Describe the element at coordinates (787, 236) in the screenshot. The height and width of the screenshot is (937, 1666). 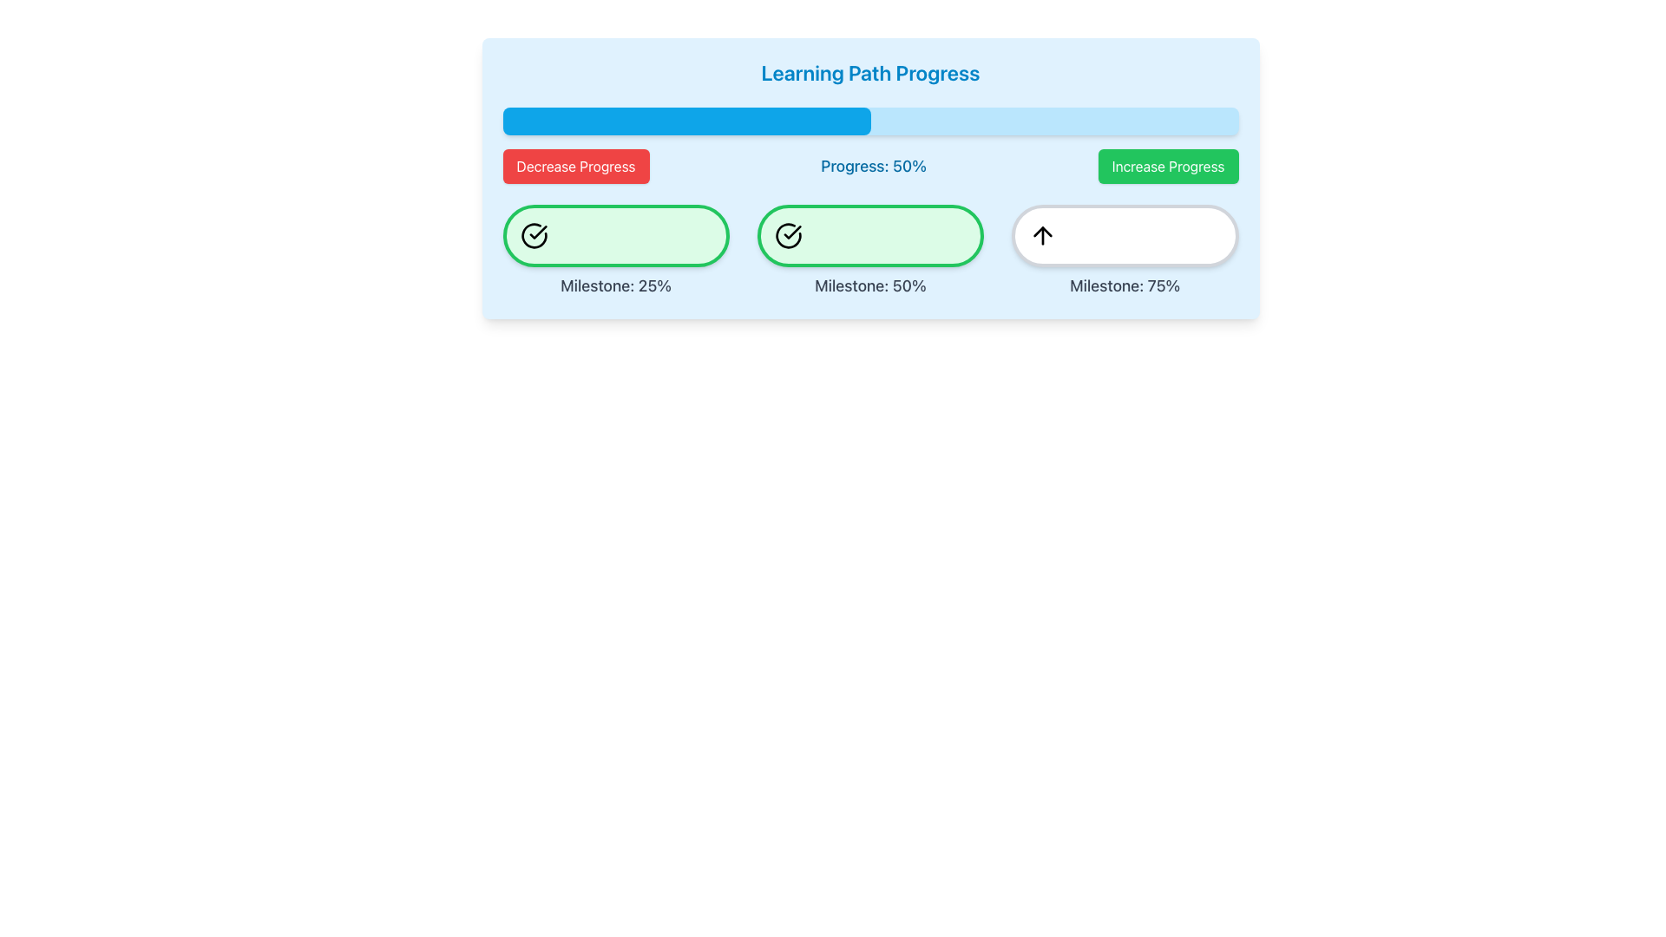
I see `the completion icon representing the successful achievement of the milestone at 50% progress, located centrally inside the second green circular milestone indicator` at that location.